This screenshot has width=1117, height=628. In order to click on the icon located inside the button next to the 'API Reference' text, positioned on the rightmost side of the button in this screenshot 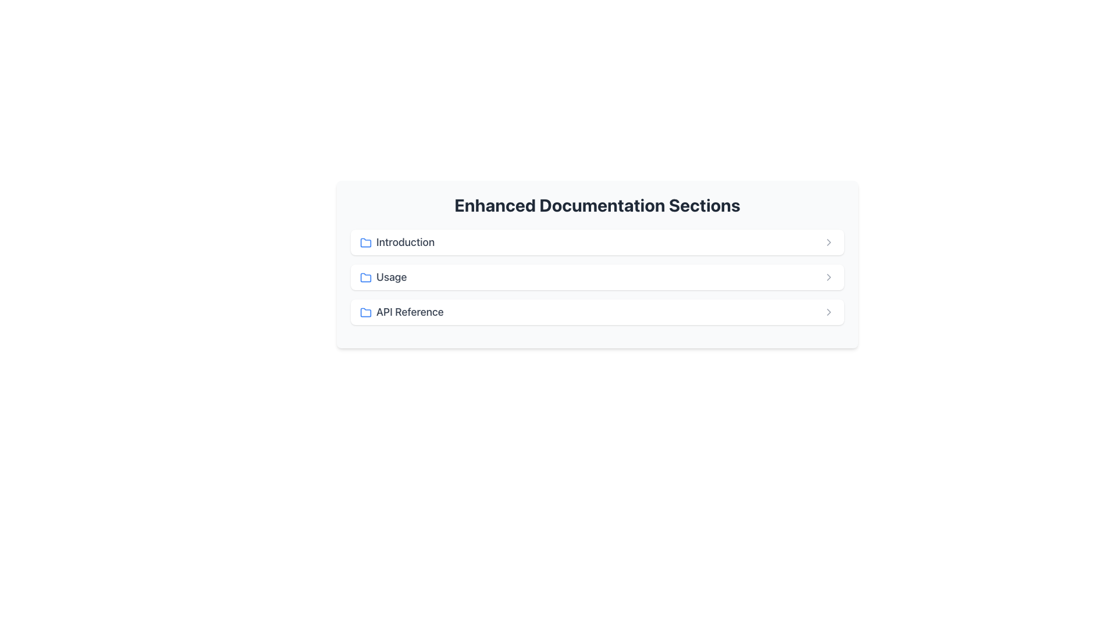, I will do `click(828, 311)`.